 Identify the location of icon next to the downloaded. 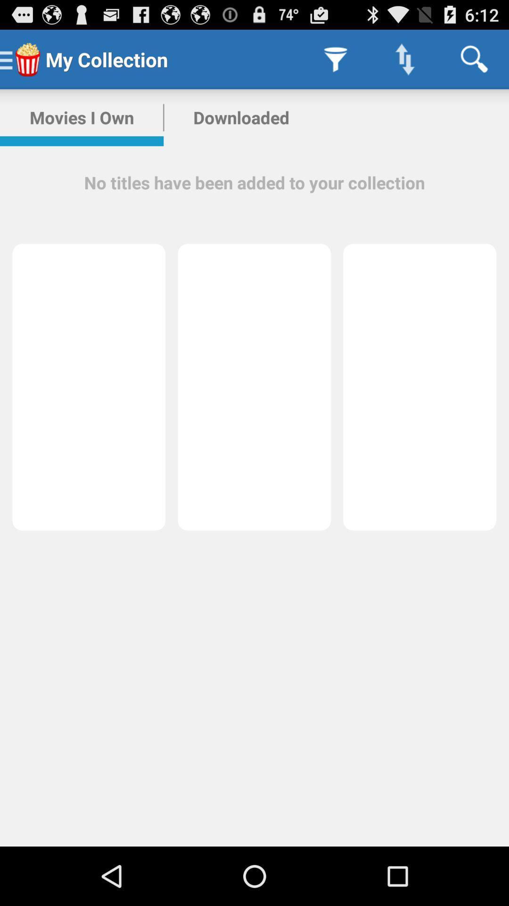
(81, 117).